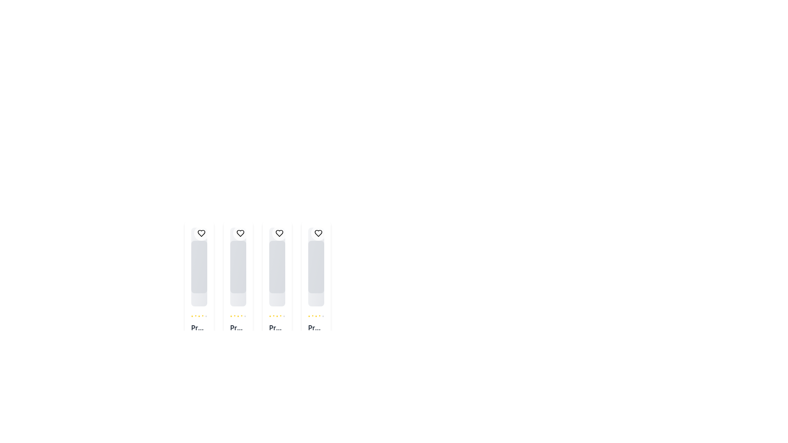 This screenshot has width=788, height=443. I want to click on the first placeholder or loading indicator in the grid arrangement, which indicates loading or unavailable content, so click(199, 267).